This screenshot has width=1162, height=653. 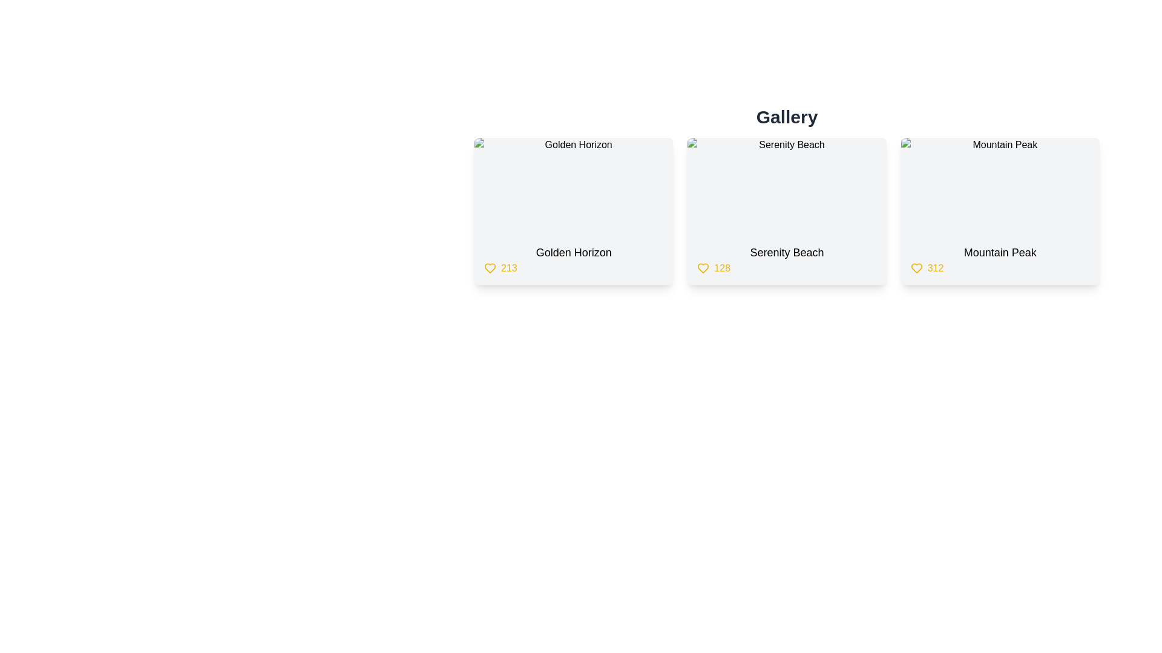 What do you see at coordinates (490, 267) in the screenshot?
I see `the heart-shaped icon with a yellow outline that symbolizes 'like' or 'favorite', located in the bottom-left corner of the first card in a horizontal grid, preceding the number '213'` at bounding box center [490, 267].